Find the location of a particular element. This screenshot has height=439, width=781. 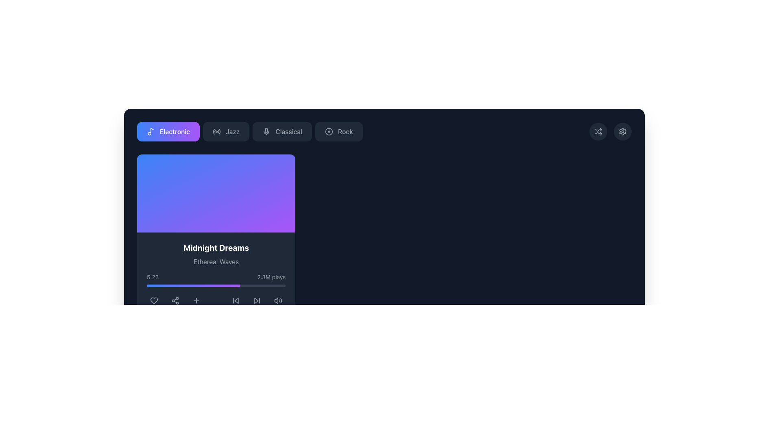

the text label displaying 'Ethereal Waves' in light gray color, located below 'Midnight Dreams' and above '5:23 | 2.3M plays' is located at coordinates (216, 262).